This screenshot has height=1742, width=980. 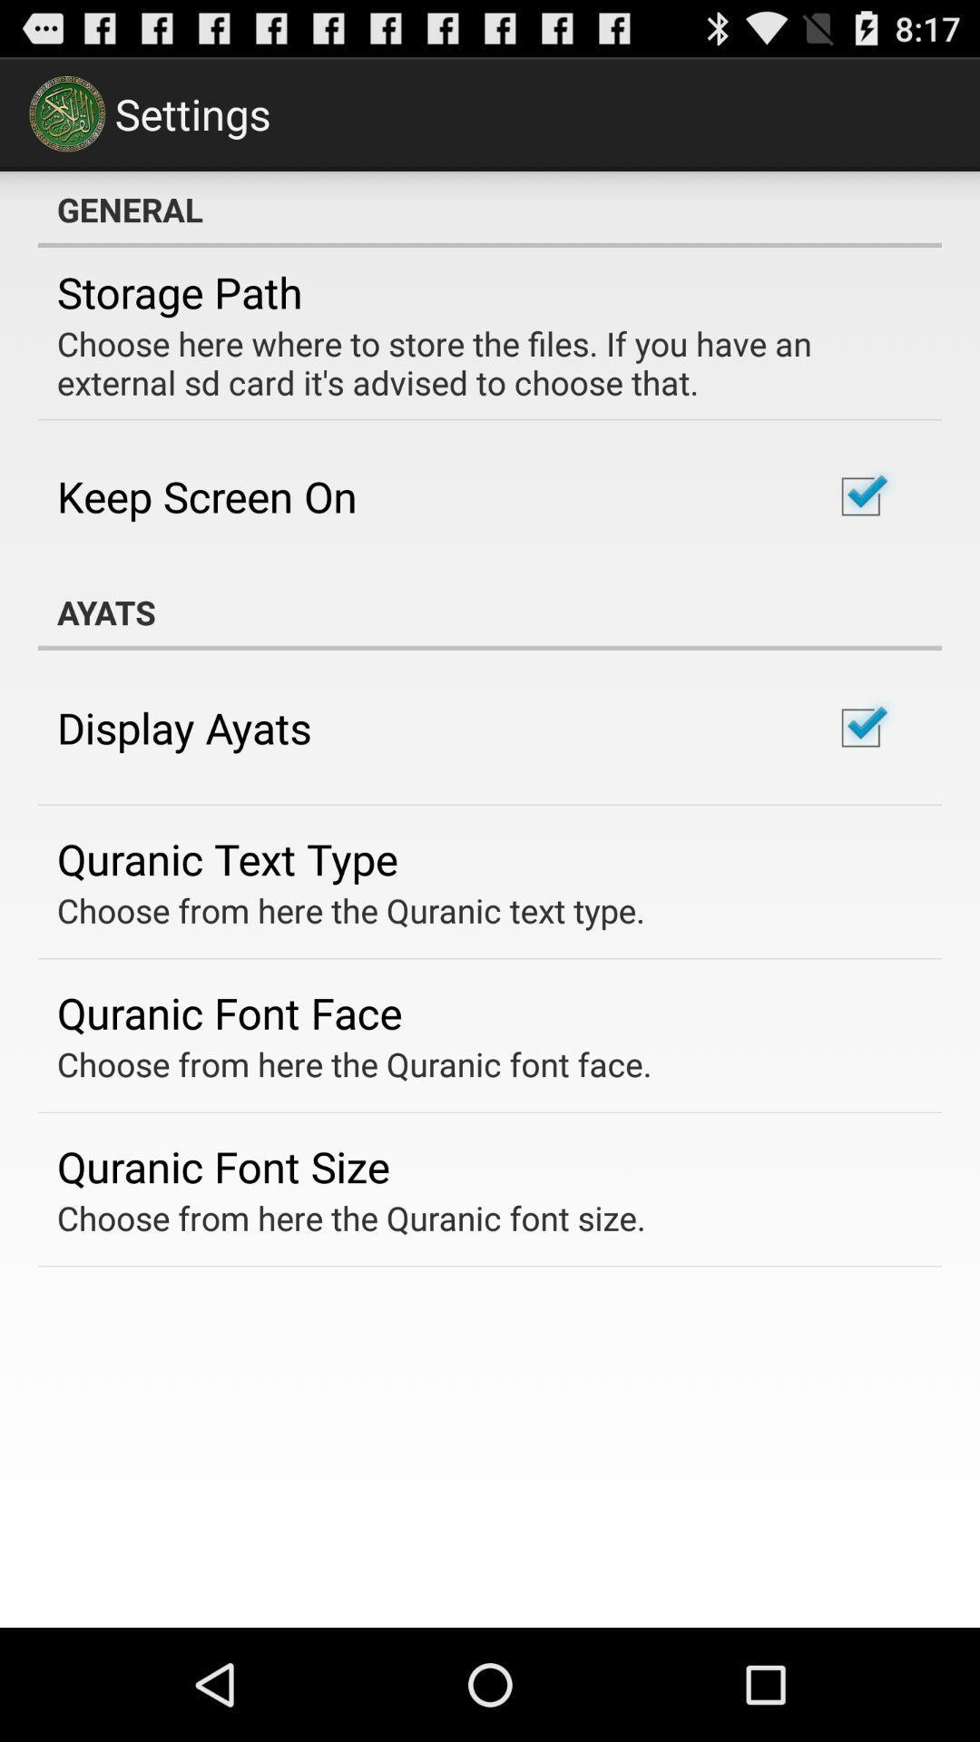 I want to click on icon above ayats app, so click(x=206, y=496).